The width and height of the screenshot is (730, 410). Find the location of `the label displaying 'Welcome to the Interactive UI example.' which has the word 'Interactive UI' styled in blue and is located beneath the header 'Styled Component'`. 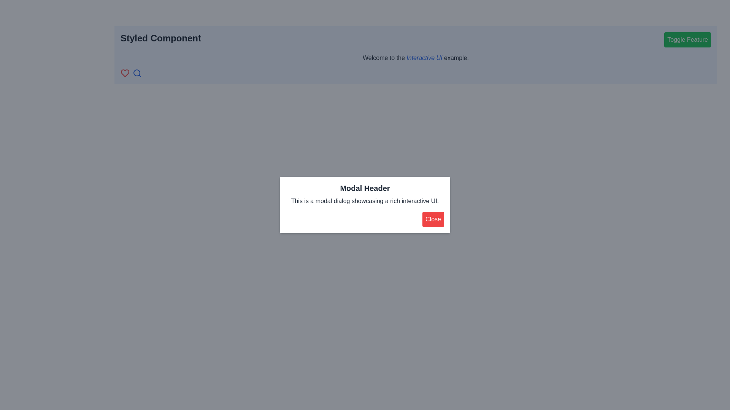

the label displaying 'Welcome to the Interactive UI example.' which has the word 'Interactive UI' styled in blue and is located beneath the header 'Styled Component' is located at coordinates (415, 58).